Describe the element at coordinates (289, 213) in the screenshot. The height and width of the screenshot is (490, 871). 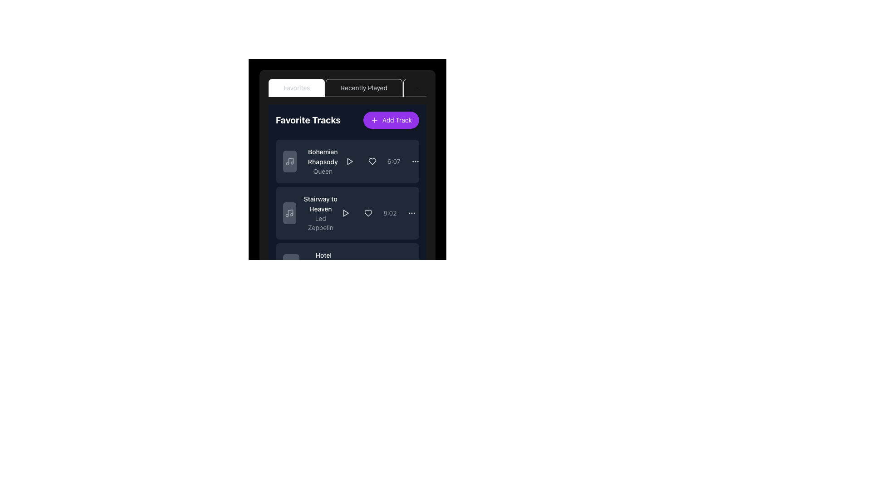
I see `the music track icon located to the left of the text 'Stairway to Heaven' by 'Led Zeppelin'` at that location.